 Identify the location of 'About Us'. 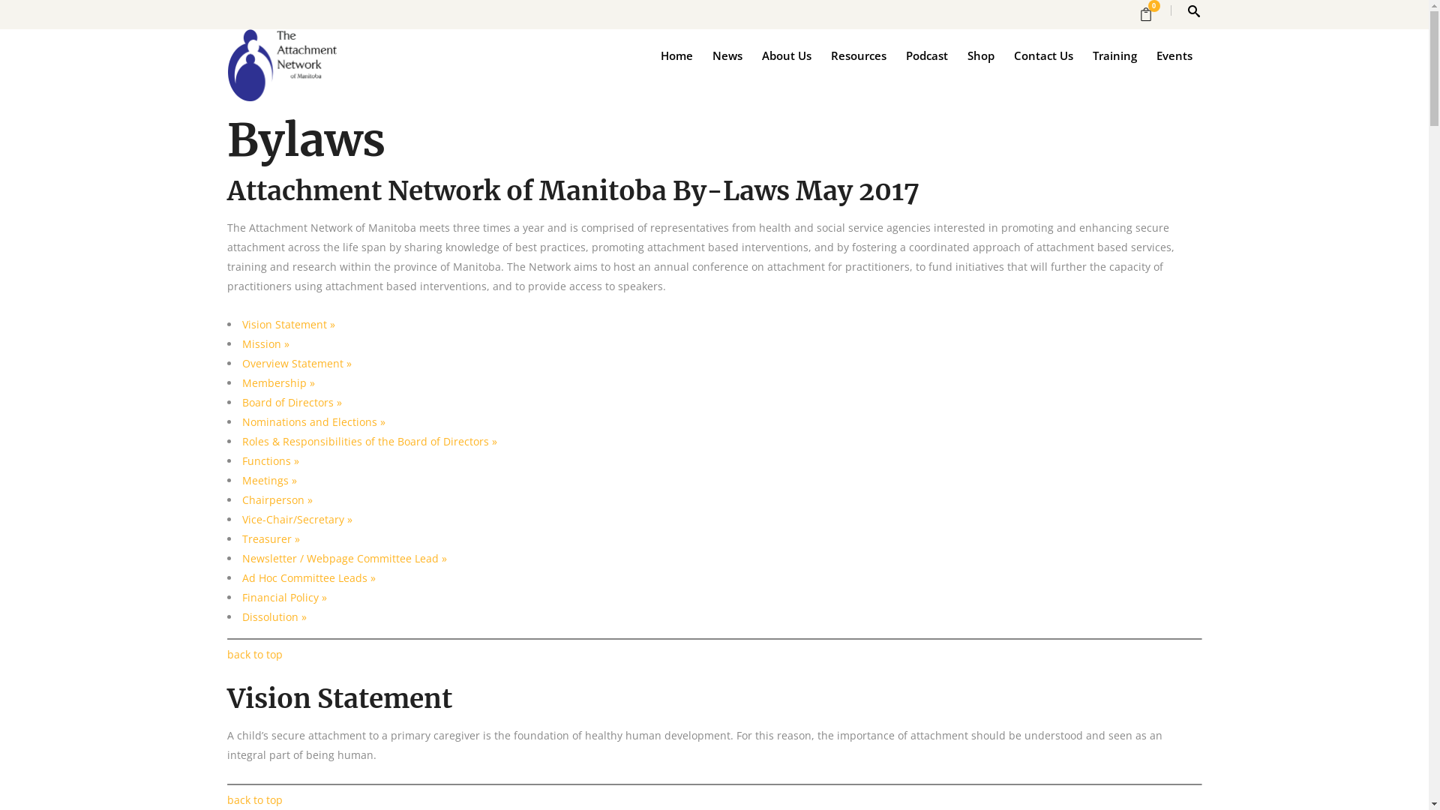
(751, 54).